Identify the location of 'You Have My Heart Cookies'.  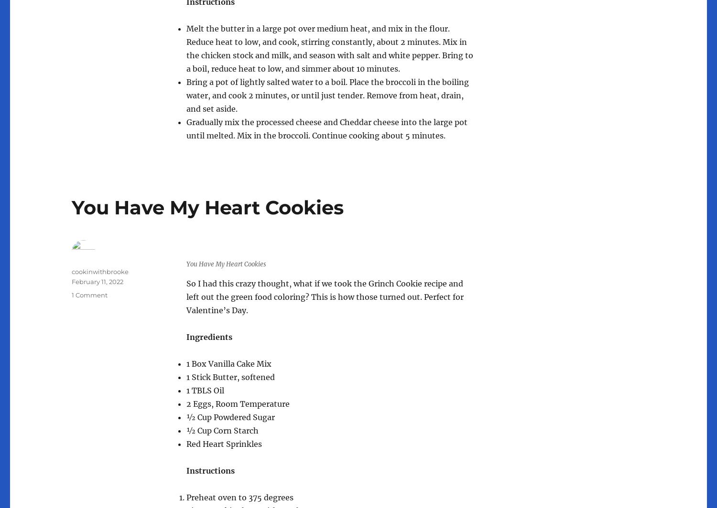
(207, 207).